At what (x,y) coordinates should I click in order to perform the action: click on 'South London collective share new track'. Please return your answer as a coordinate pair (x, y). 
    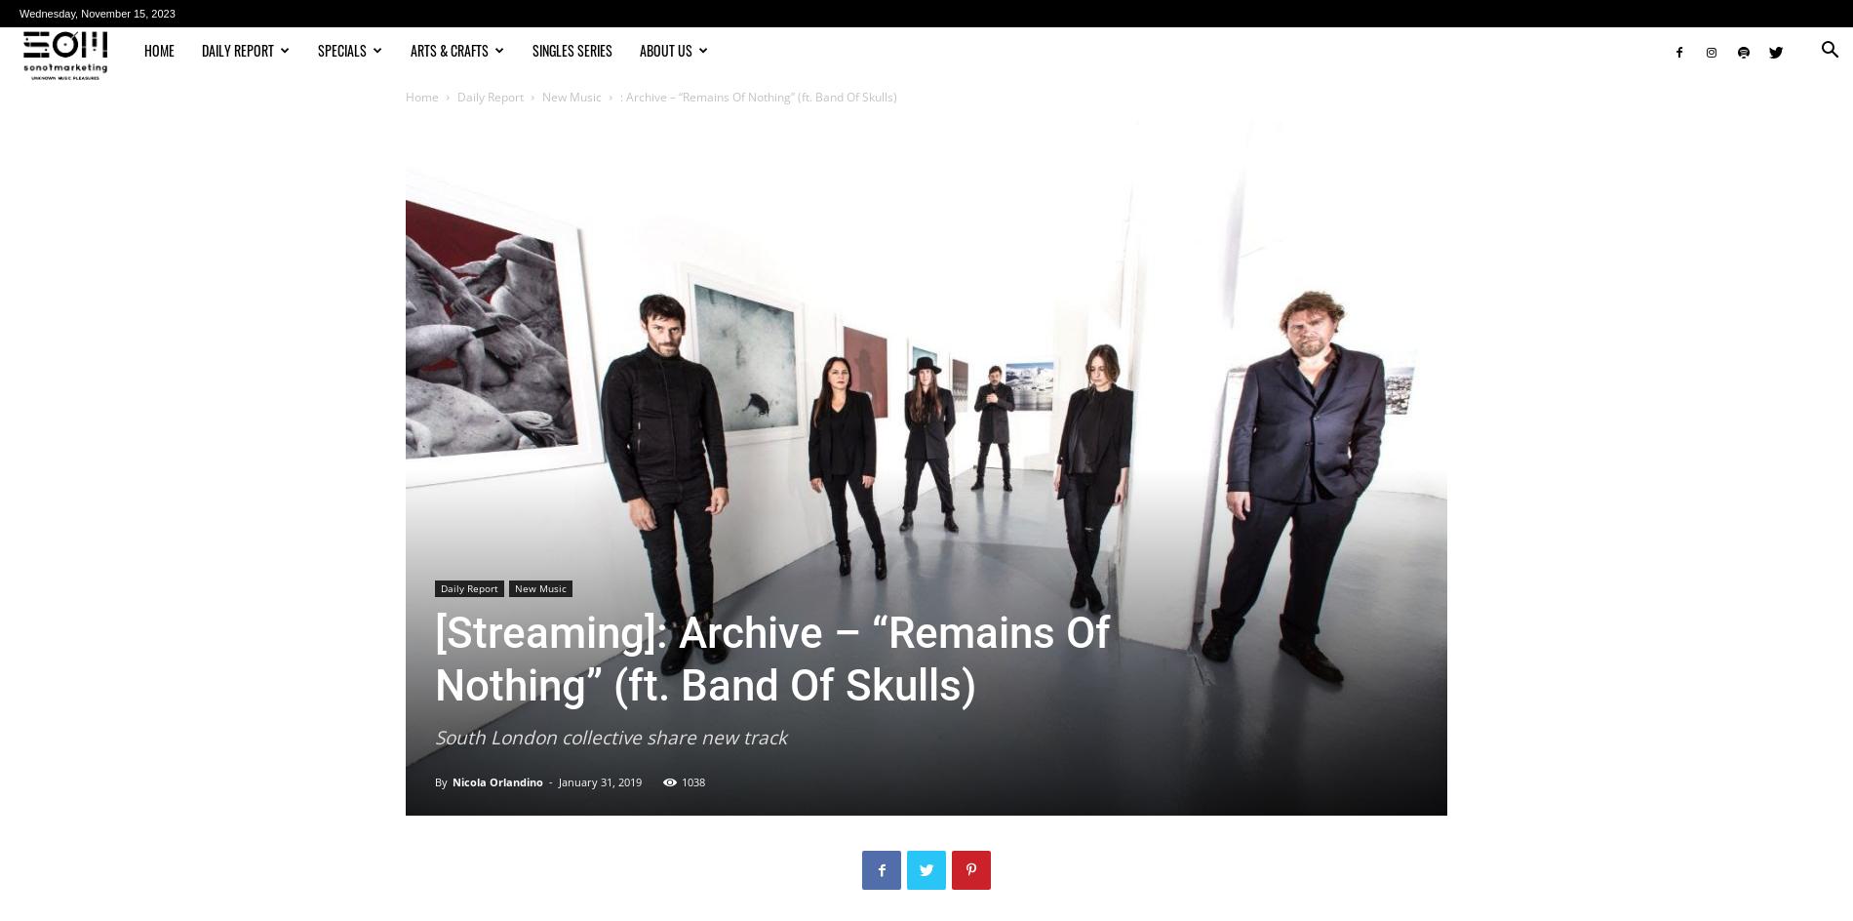
    Looking at the image, I should click on (611, 737).